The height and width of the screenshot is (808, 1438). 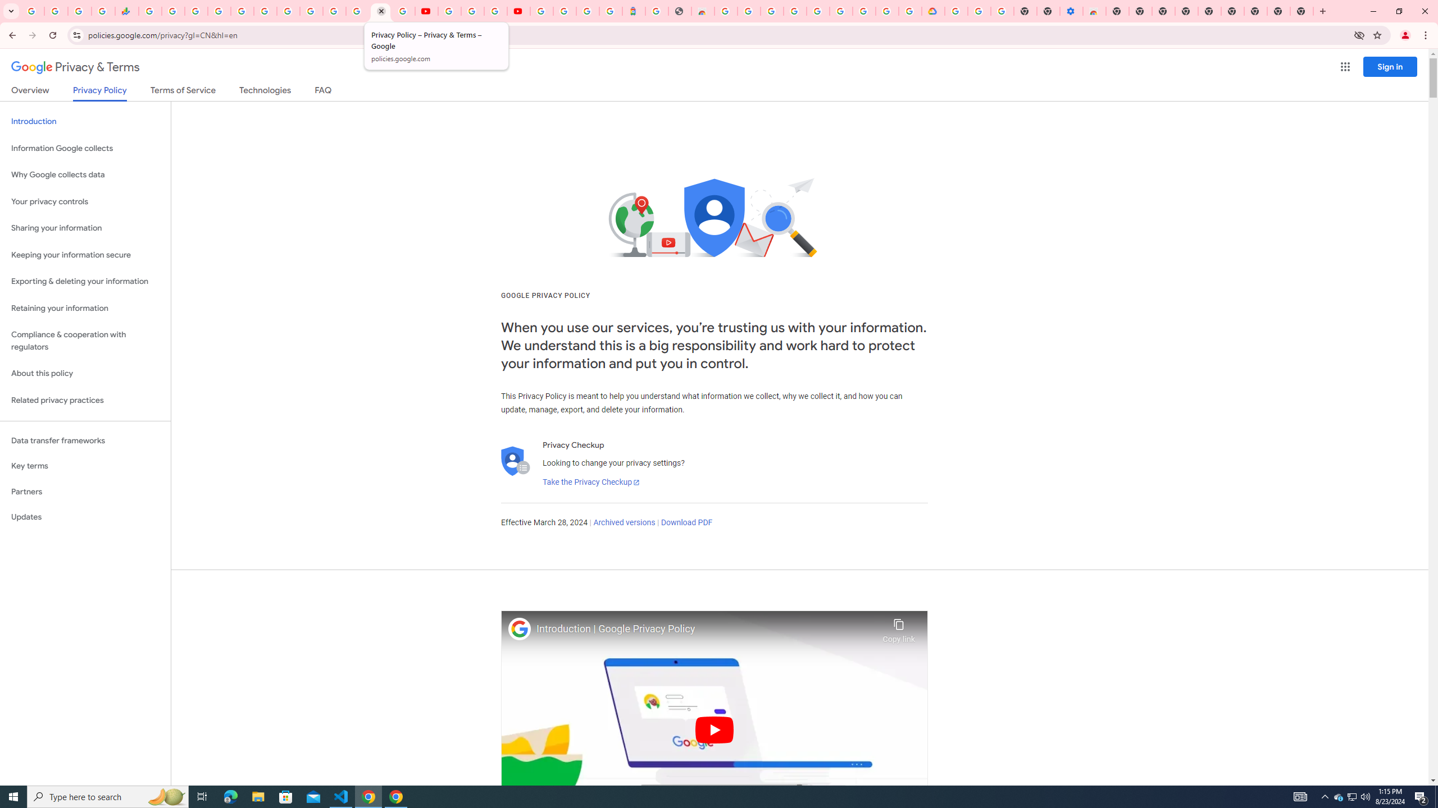 What do you see at coordinates (624, 522) in the screenshot?
I see `'Archived versions'` at bounding box center [624, 522].